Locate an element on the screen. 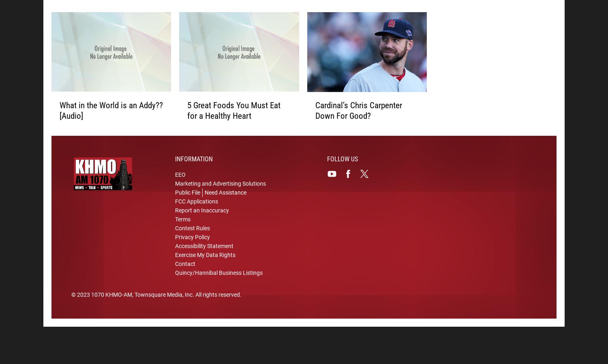 The image size is (608, 364). 'Follow Us' is located at coordinates (342, 160).